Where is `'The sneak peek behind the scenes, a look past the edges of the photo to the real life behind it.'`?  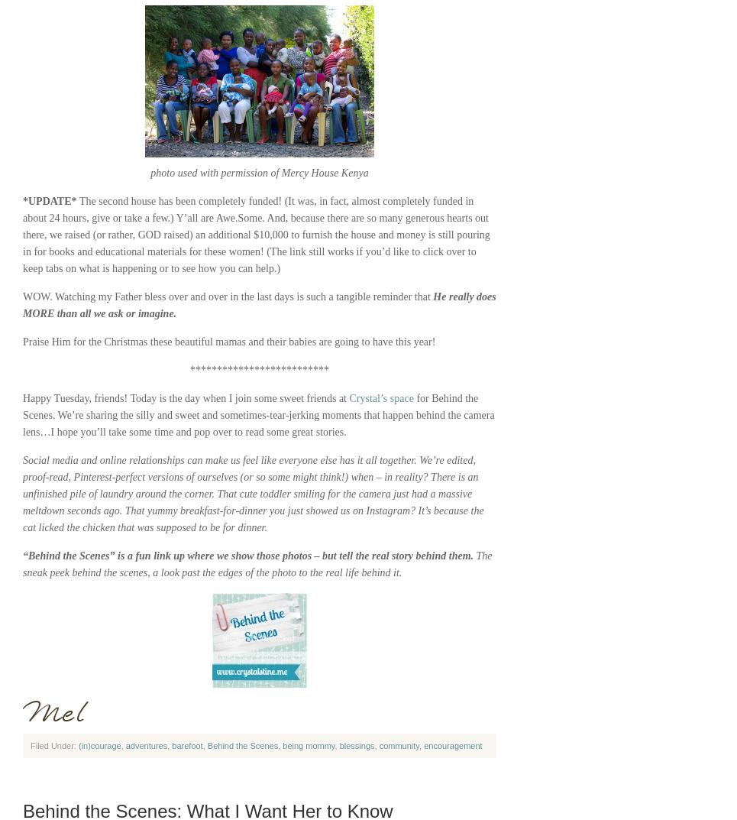
'The sneak peek behind the scenes, a look past the edges of the photo to the real life behind it.' is located at coordinates (257, 563).